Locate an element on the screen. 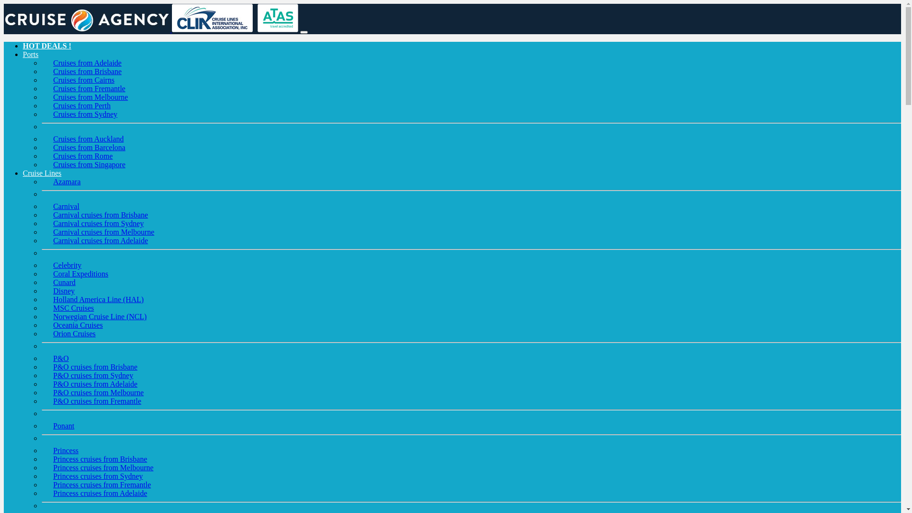 This screenshot has width=912, height=513. 'Orion Cruises' is located at coordinates (74, 333).